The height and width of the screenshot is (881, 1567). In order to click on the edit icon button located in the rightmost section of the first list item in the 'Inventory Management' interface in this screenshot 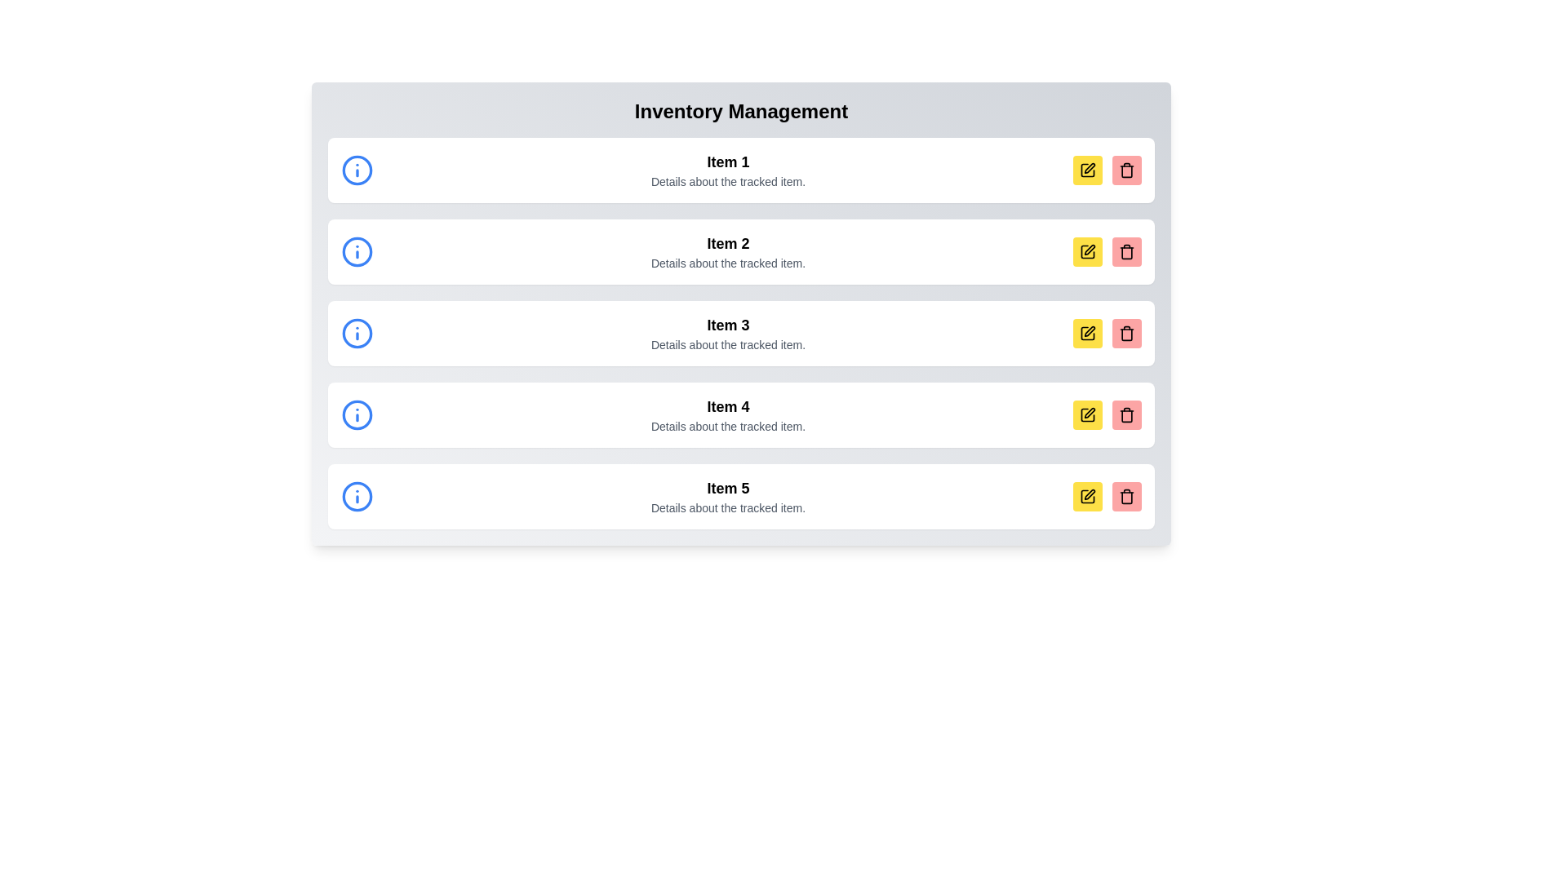, I will do `click(1089, 167)`.